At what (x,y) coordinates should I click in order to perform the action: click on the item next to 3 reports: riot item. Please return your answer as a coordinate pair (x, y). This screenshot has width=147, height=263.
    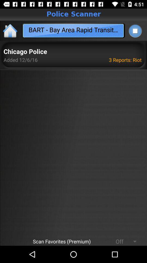
    Looking at the image, I should click on (25, 52).